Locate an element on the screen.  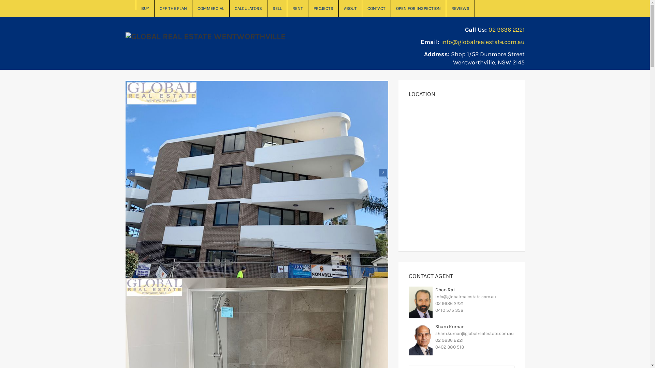
'sham.kumar@globalrealestate.com.au' is located at coordinates (474, 333).